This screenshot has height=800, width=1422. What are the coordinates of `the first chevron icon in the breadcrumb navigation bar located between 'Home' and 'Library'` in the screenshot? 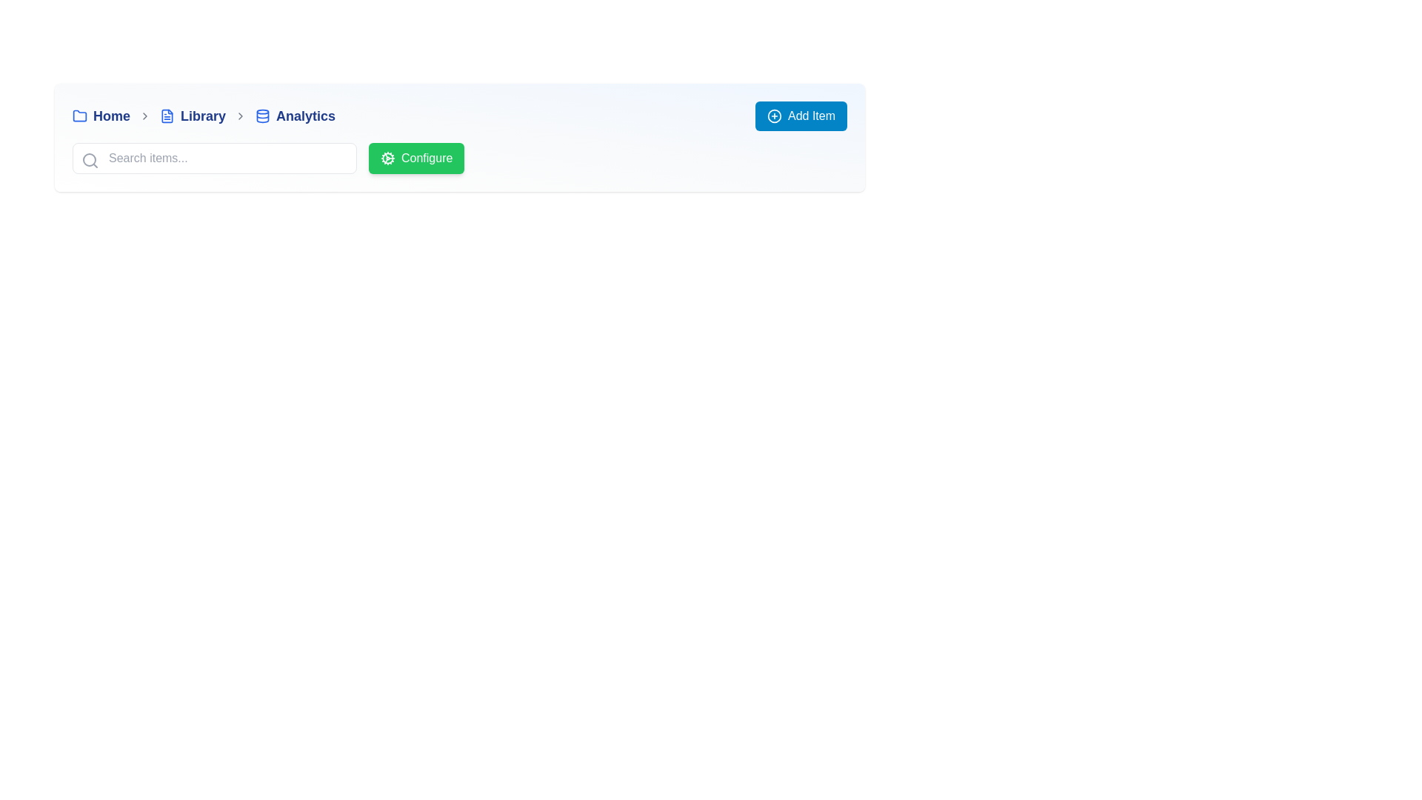 It's located at (145, 116).